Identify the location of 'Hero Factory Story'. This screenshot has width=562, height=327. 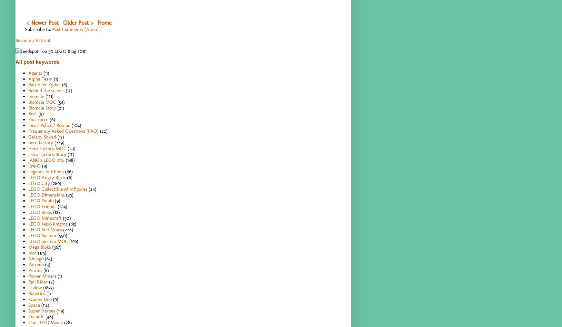
(47, 153).